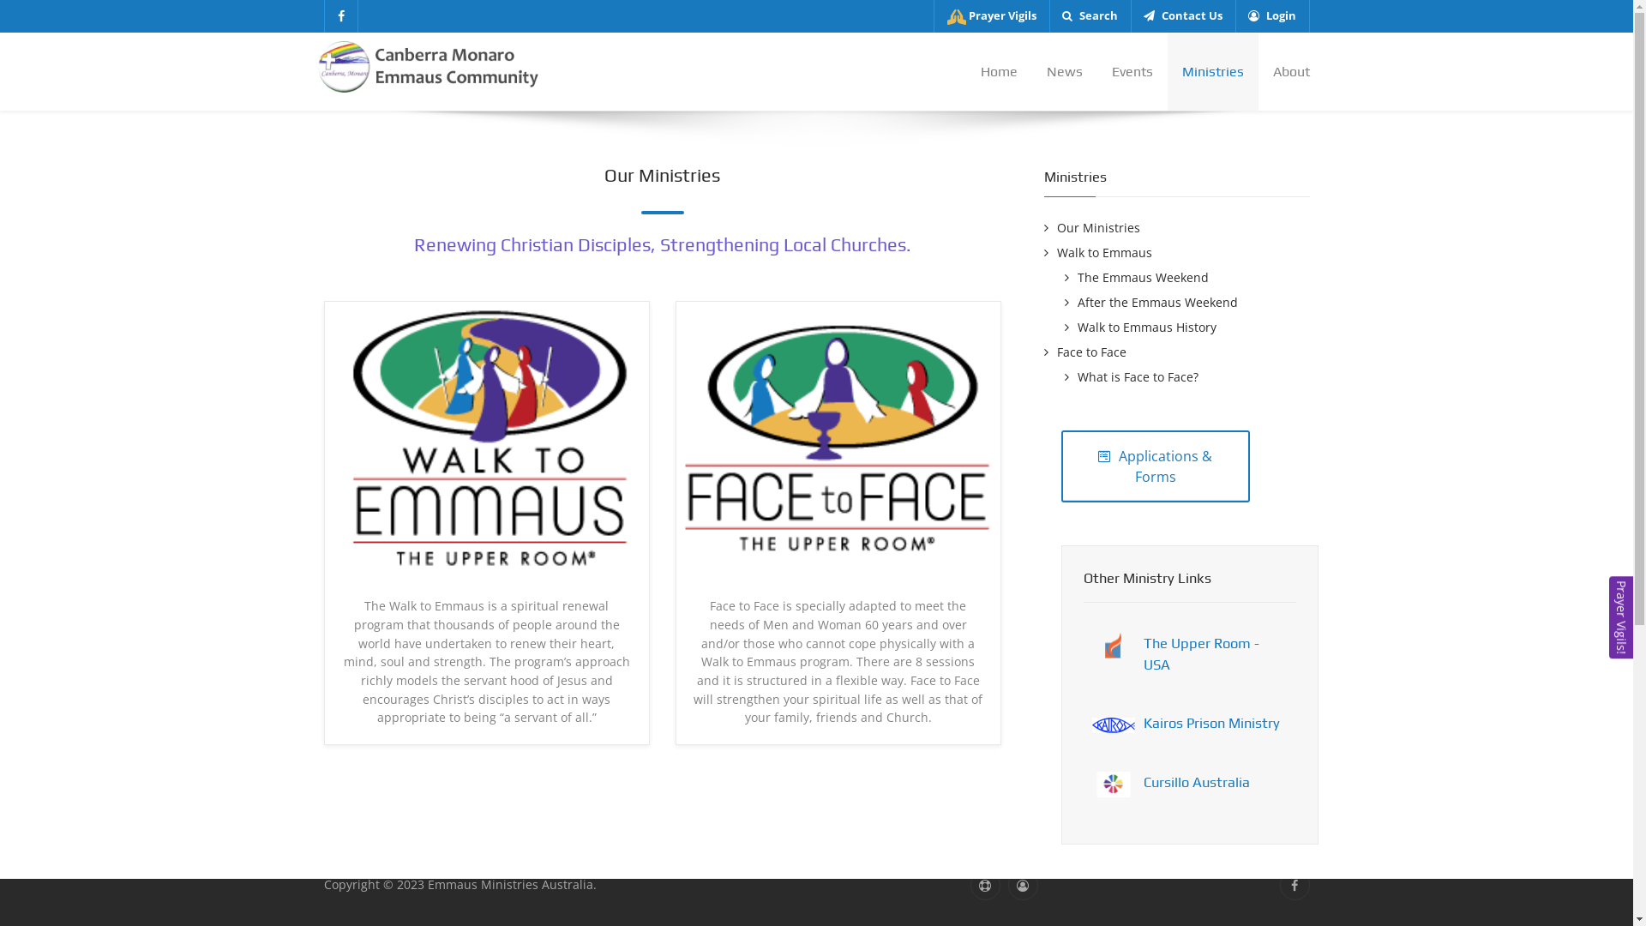 This screenshot has height=926, width=1646. I want to click on 'Prayer Vigils', so click(991, 16).